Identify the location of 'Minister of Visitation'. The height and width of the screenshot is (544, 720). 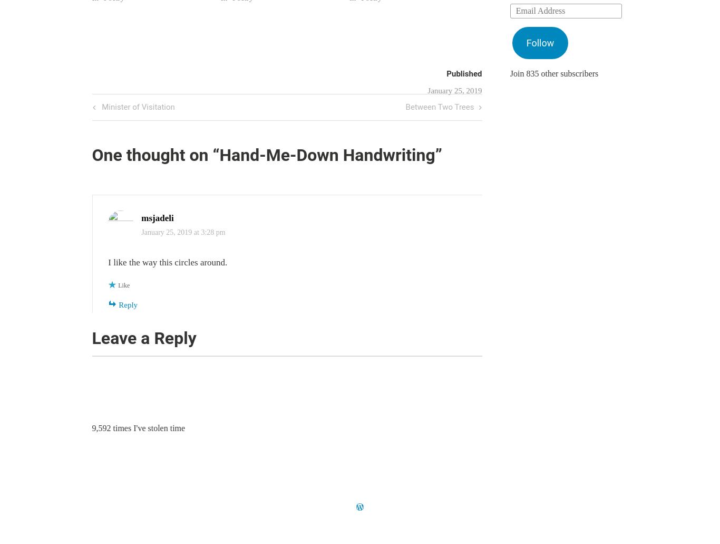
(137, 106).